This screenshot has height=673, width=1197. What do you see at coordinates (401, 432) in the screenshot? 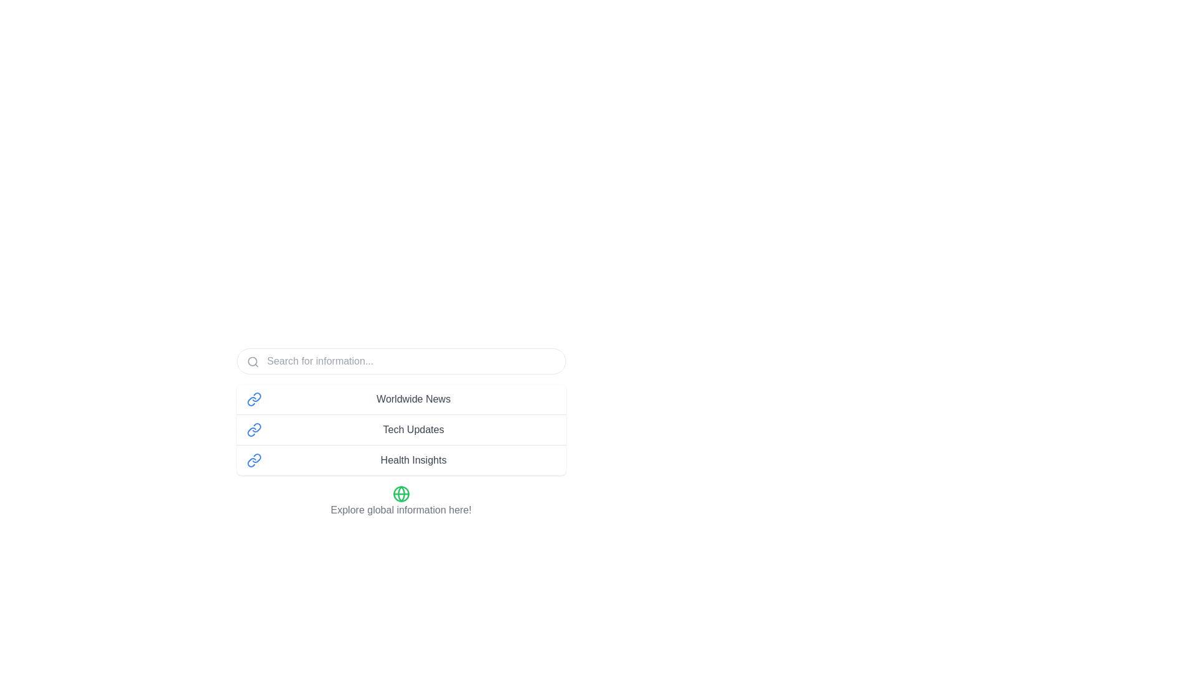
I see `the 'Tech Updates' interactive text label` at bounding box center [401, 432].